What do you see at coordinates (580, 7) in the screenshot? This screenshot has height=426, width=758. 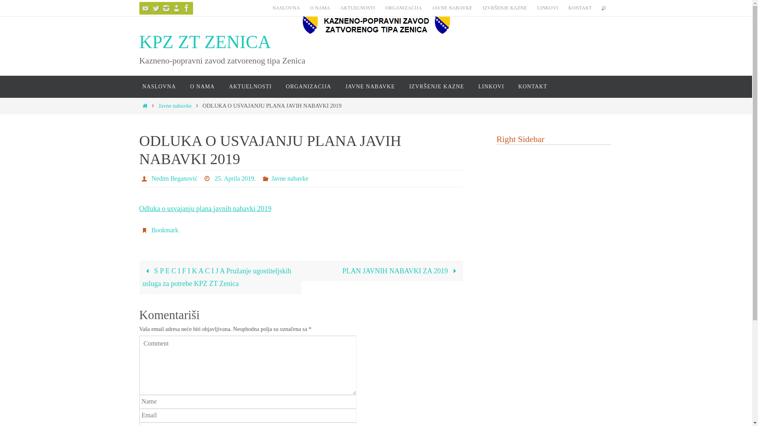 I see `'KONTAKT'` at bounding box center [580, 7].